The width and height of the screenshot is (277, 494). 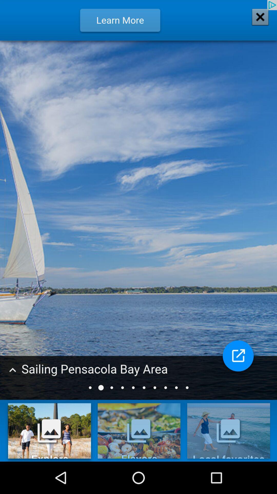 I want to click on the close icon, so click(x=257, y=21).